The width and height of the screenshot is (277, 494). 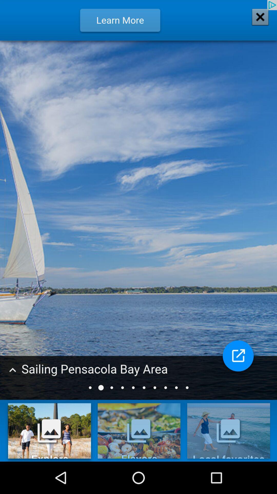 I want to click on the close icon, so click(x=257, y=21).